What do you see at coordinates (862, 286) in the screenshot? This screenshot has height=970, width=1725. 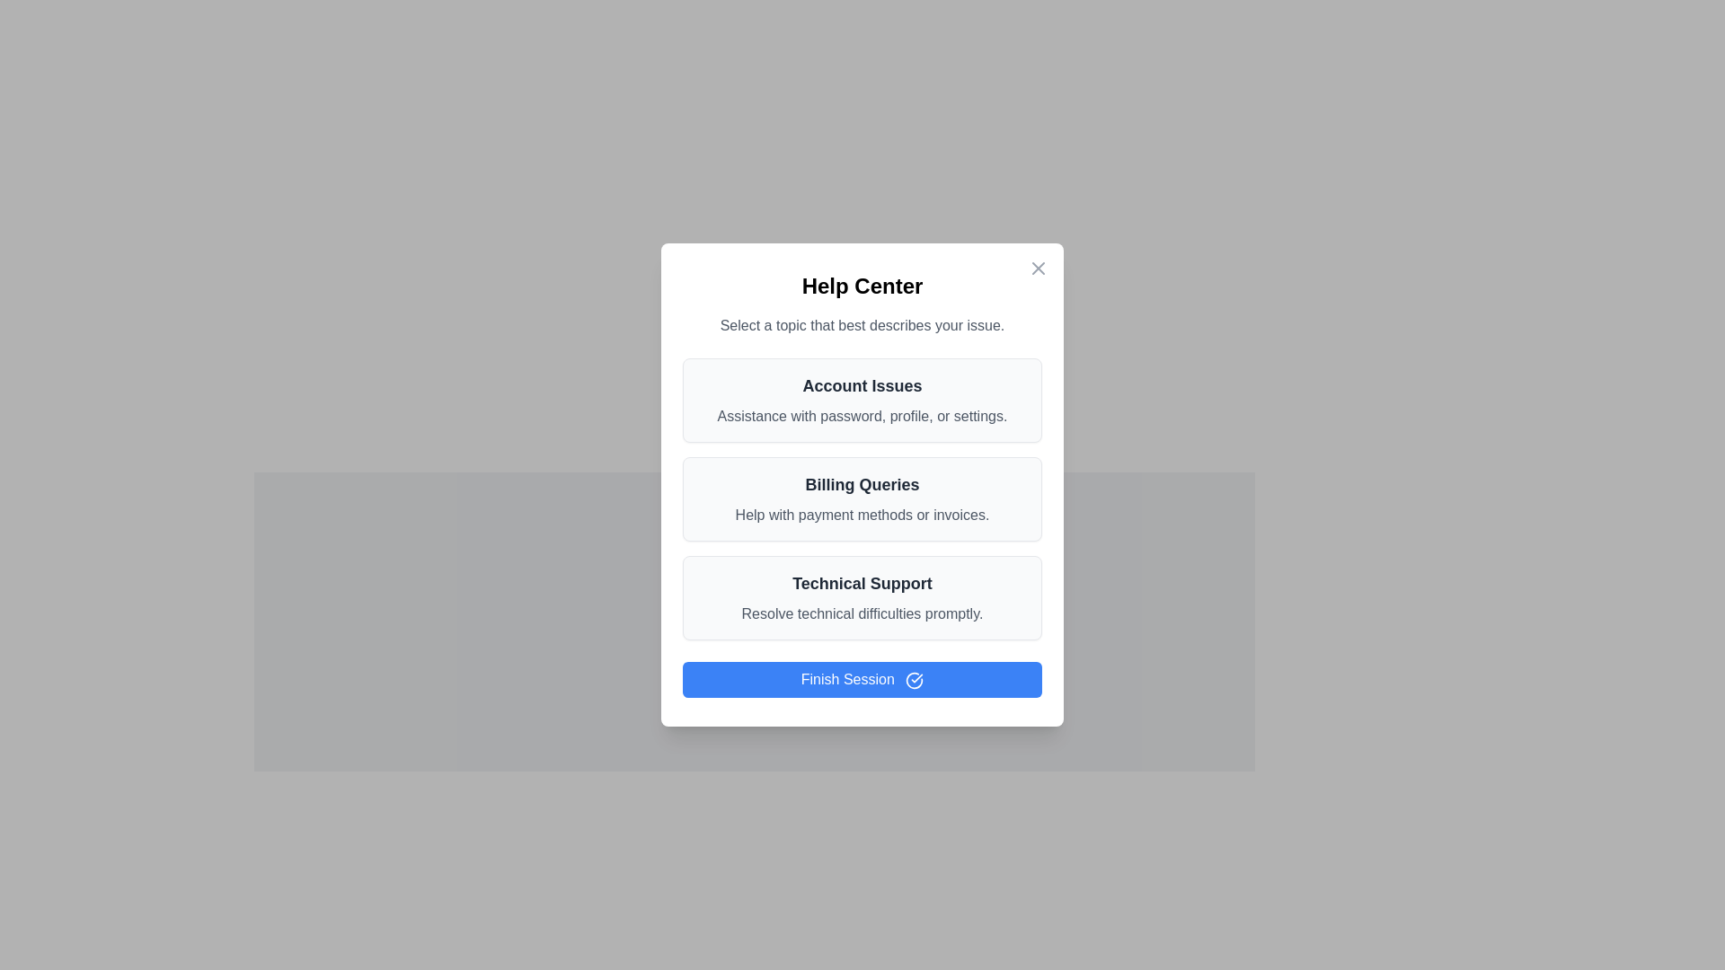 I see `the 'Help Center' header text element, which is bold and centered at the top of the modal interface` at bounding box center [862, 286].